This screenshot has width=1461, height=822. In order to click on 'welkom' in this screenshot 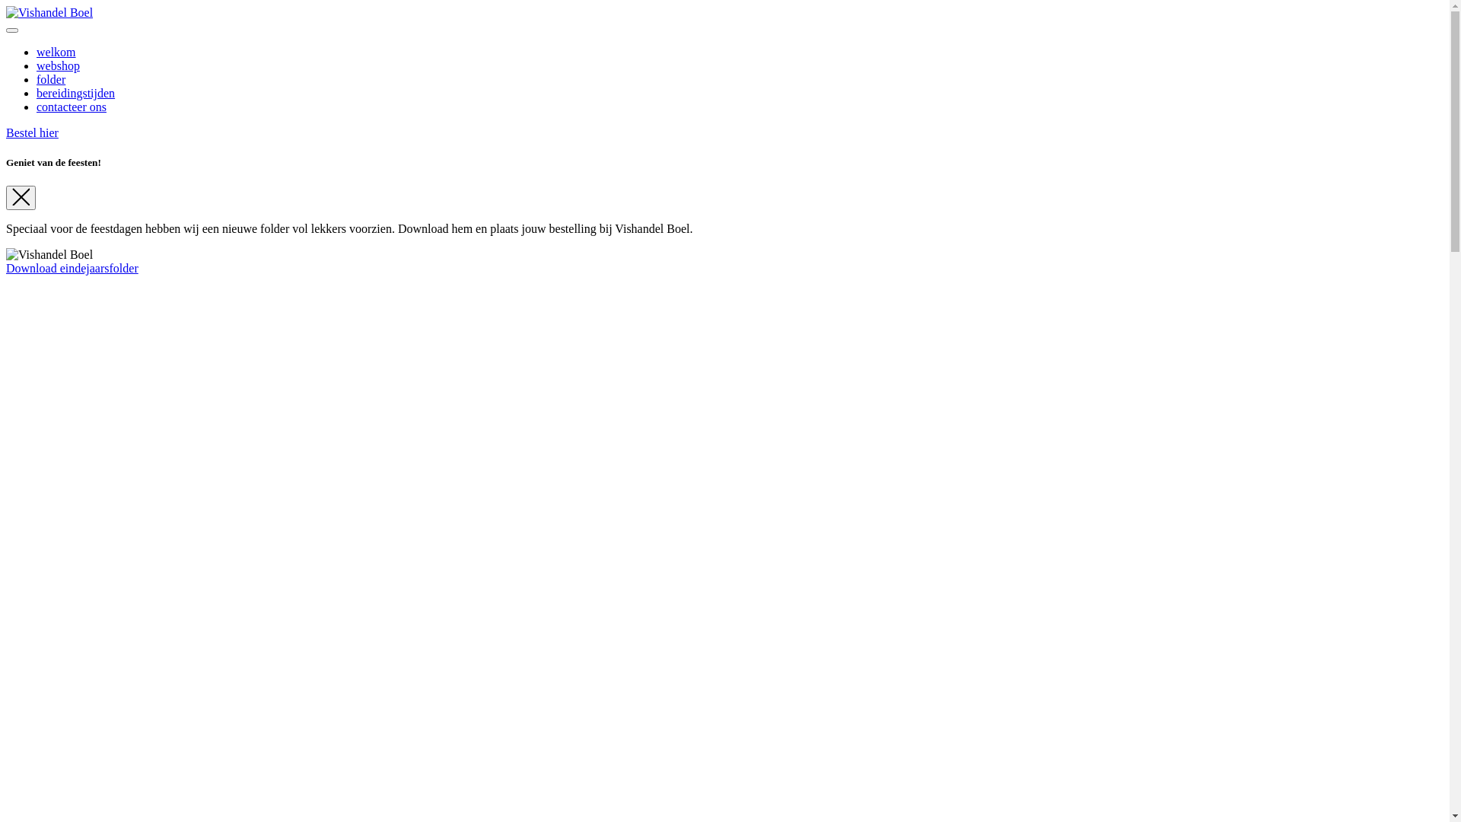, I will do `click(56, 51)`.